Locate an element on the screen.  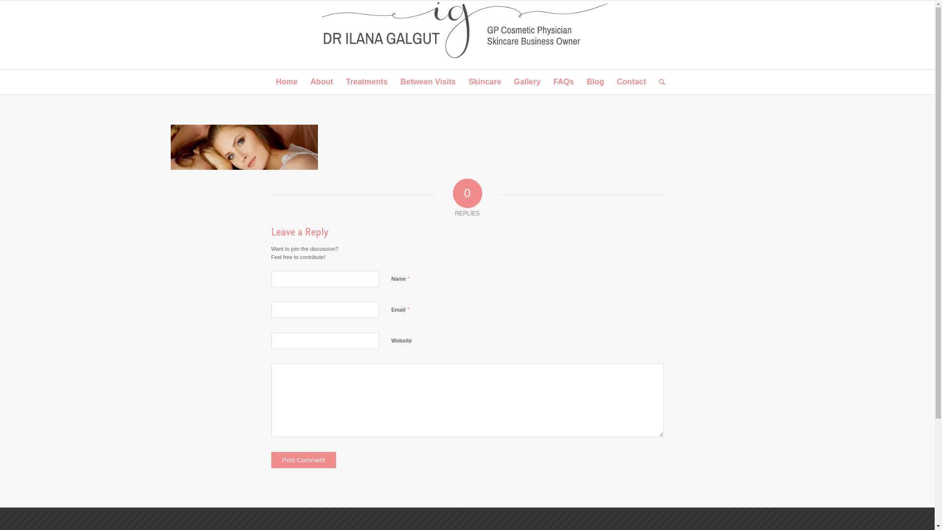
'Contact' is located at coordinates (631, 81).